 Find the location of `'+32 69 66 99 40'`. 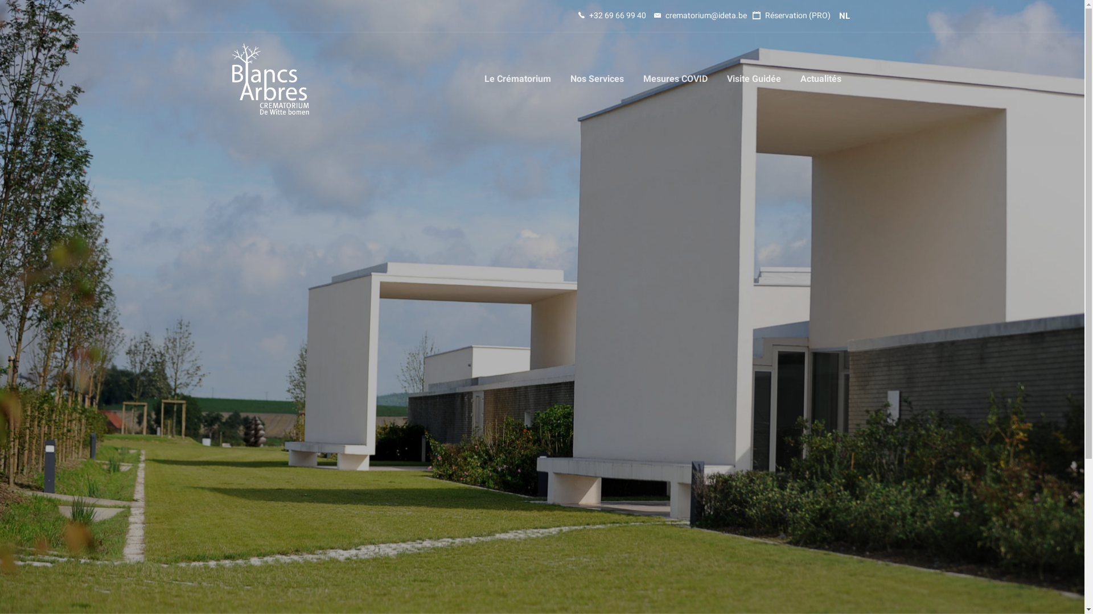

'+32 69 66 99 40' is located at coordinates (611, 15).